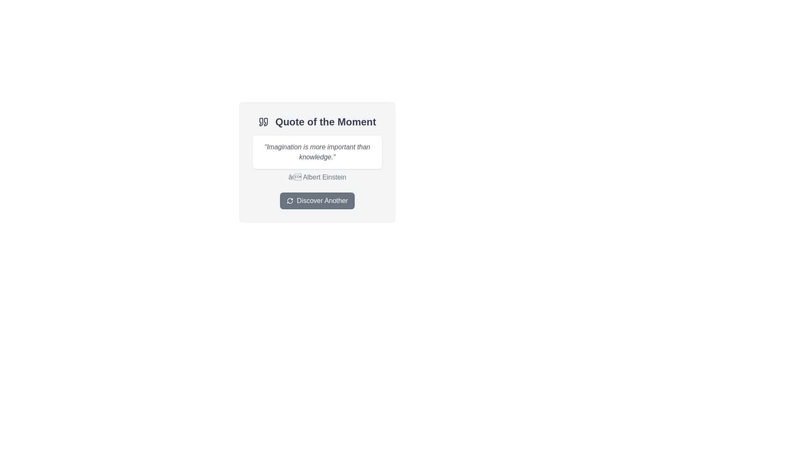 The image size is (806, 453). Describe the element at coordinates (317, 152) in the screenshot. I see `the highlighted quotation text label located below 'Quote of the Moment' and above '— Albert Einstein.' within the light gray card` at that location.